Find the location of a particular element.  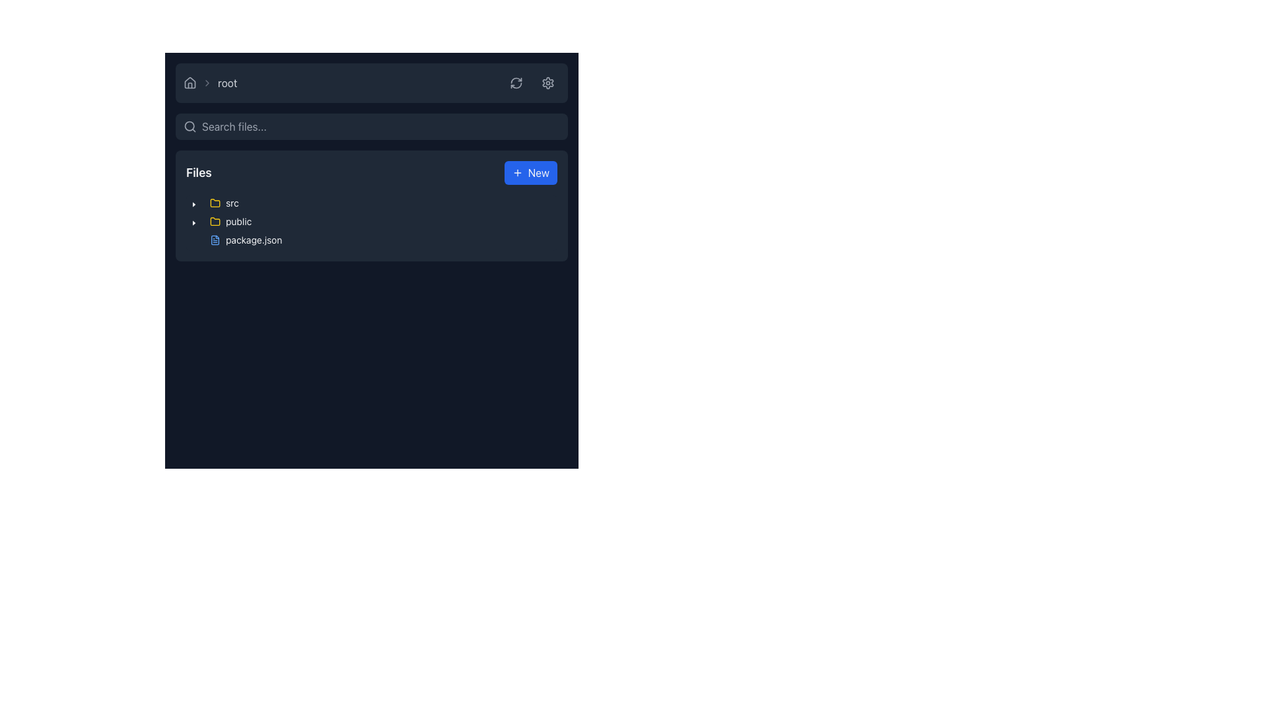

the blue circular SVG icon with a white cross labeled 'New' in the top right corner of the dark-themed interface is located at coordinates (516, 172).